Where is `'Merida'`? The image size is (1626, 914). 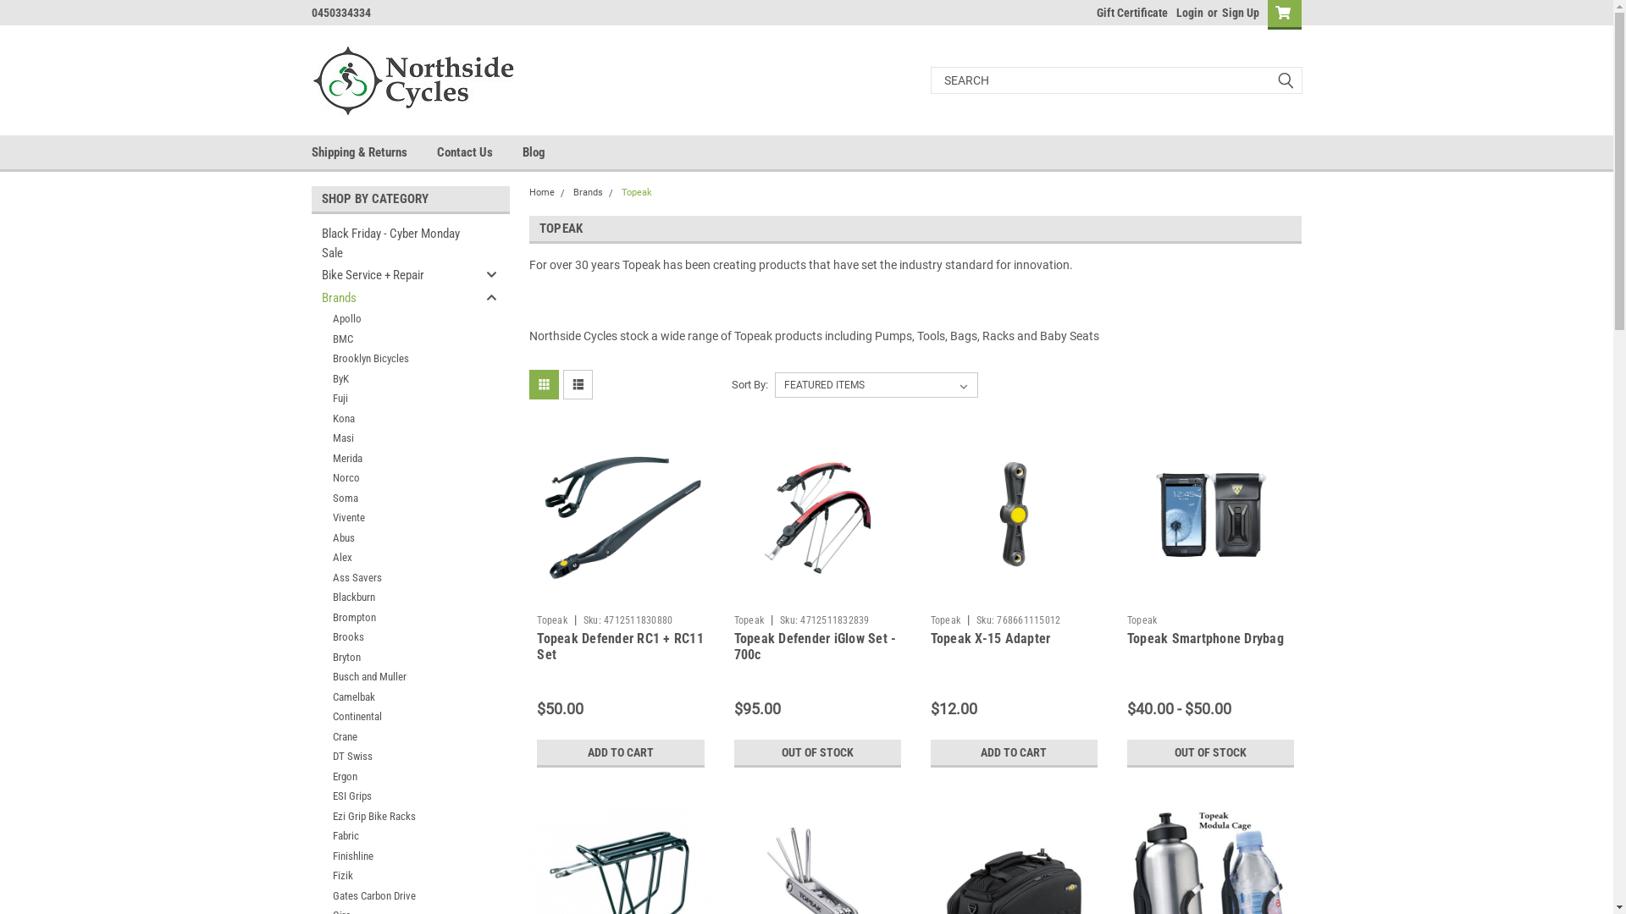
'Merida' is located at coordinates (395, 459).